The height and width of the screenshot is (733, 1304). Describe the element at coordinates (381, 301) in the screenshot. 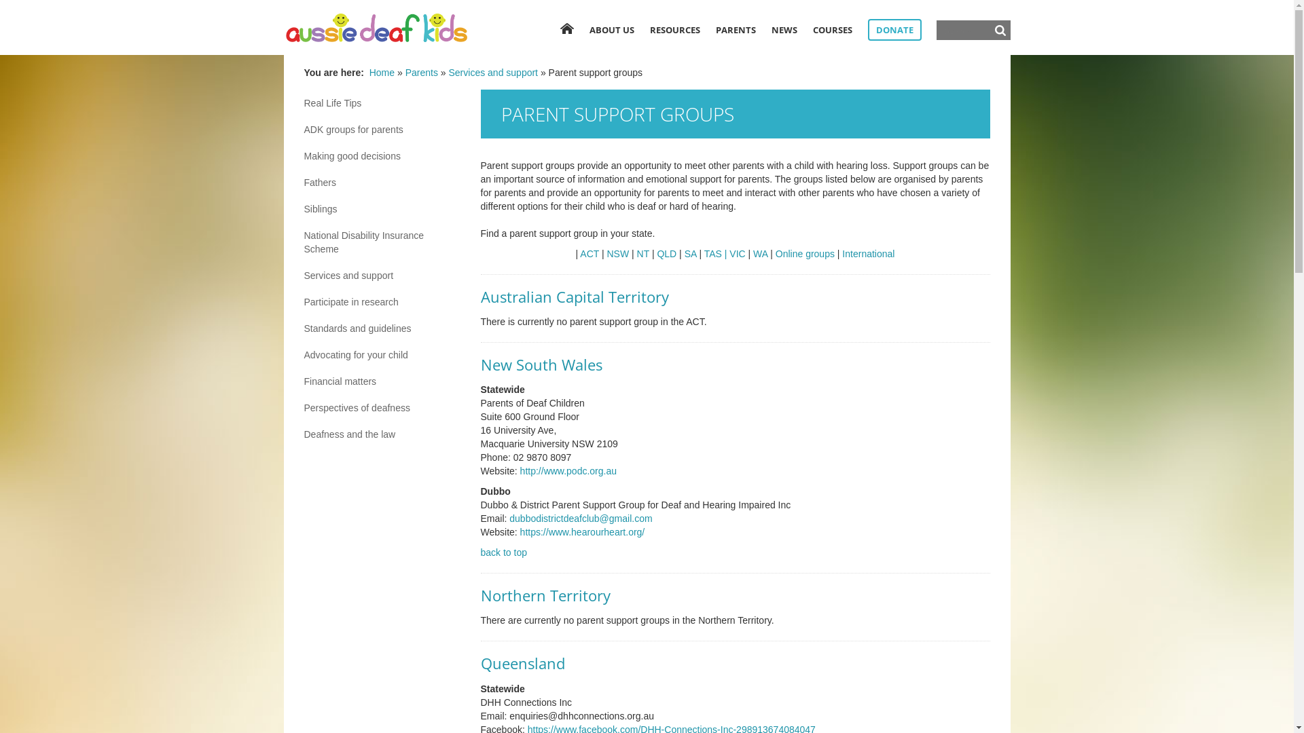

I see `'Participate in research'` at that location.